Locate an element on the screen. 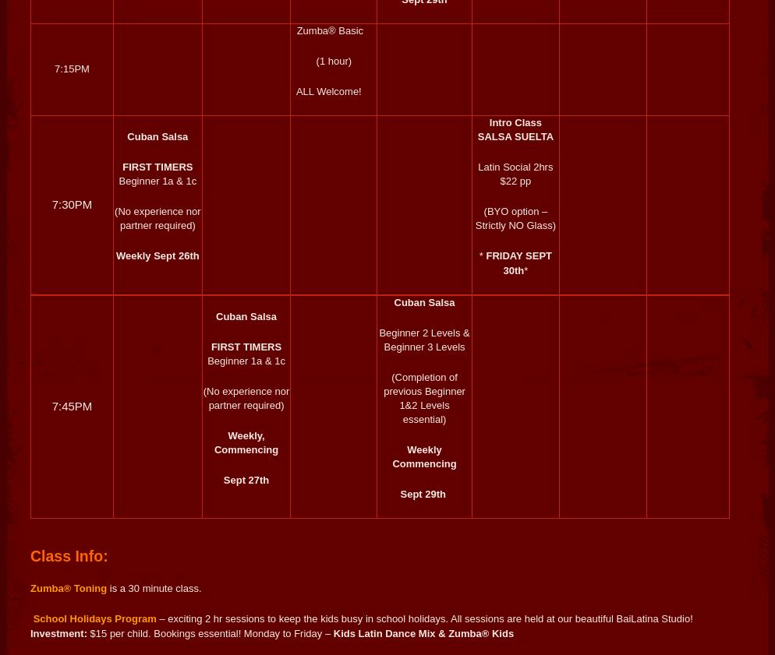 The width and height of the screenshot is (775, 655). 'School Holidays Program' is located at coordinates (93, 618).